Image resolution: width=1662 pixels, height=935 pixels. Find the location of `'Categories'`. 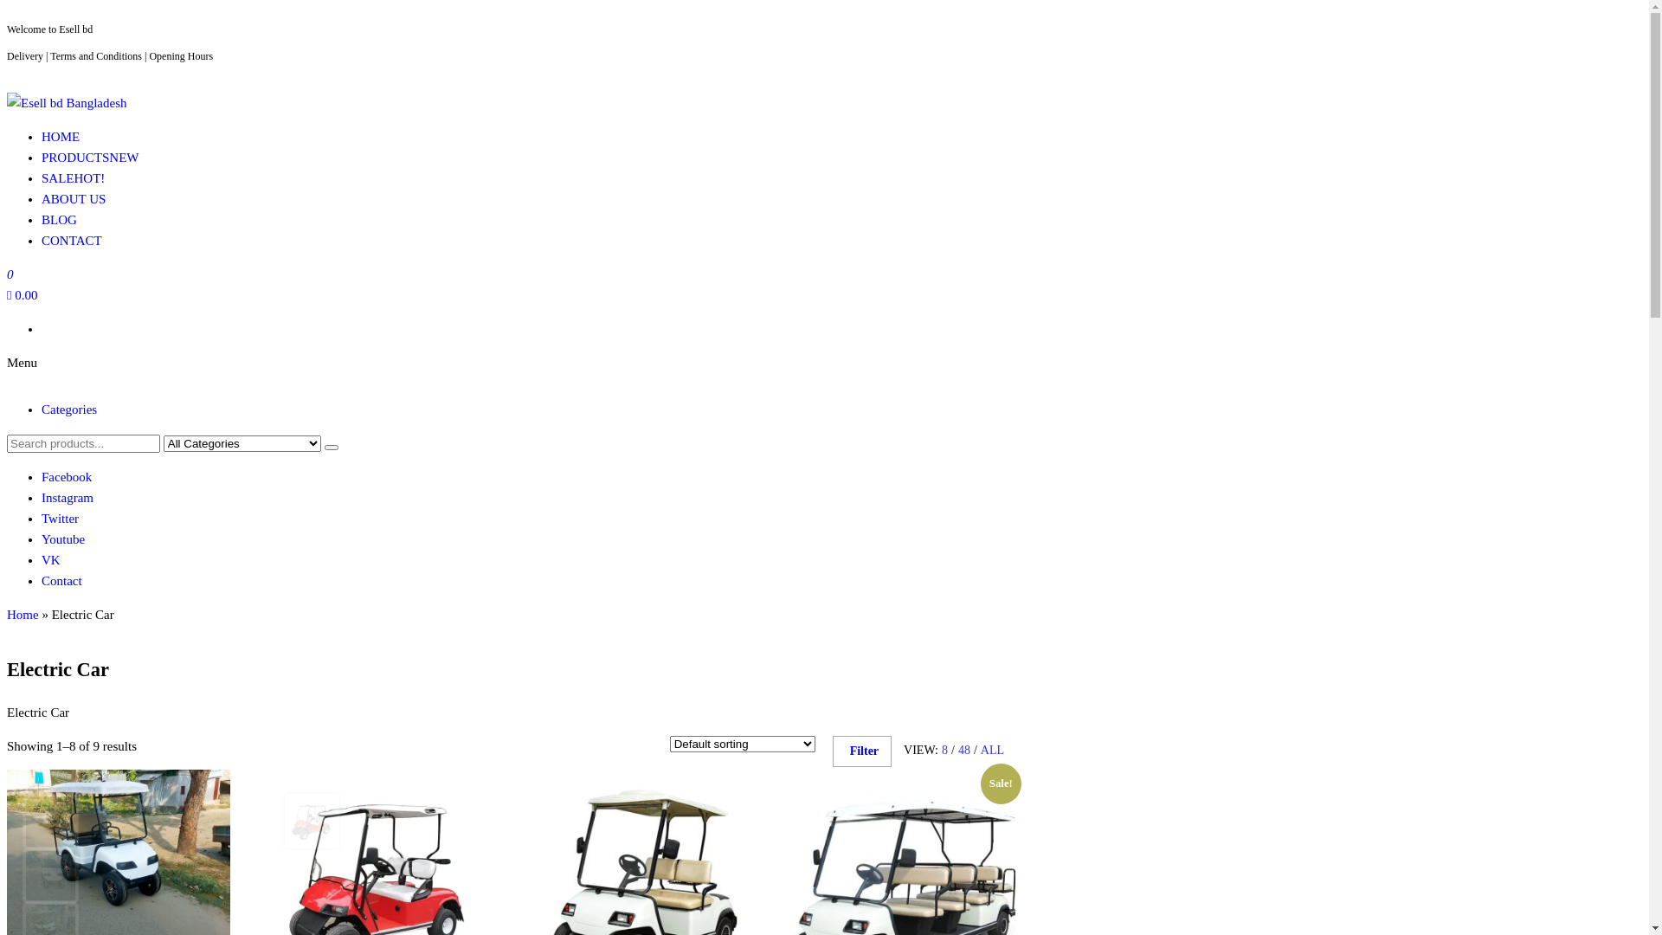

'Categories' is located at coordinates (42, 409).